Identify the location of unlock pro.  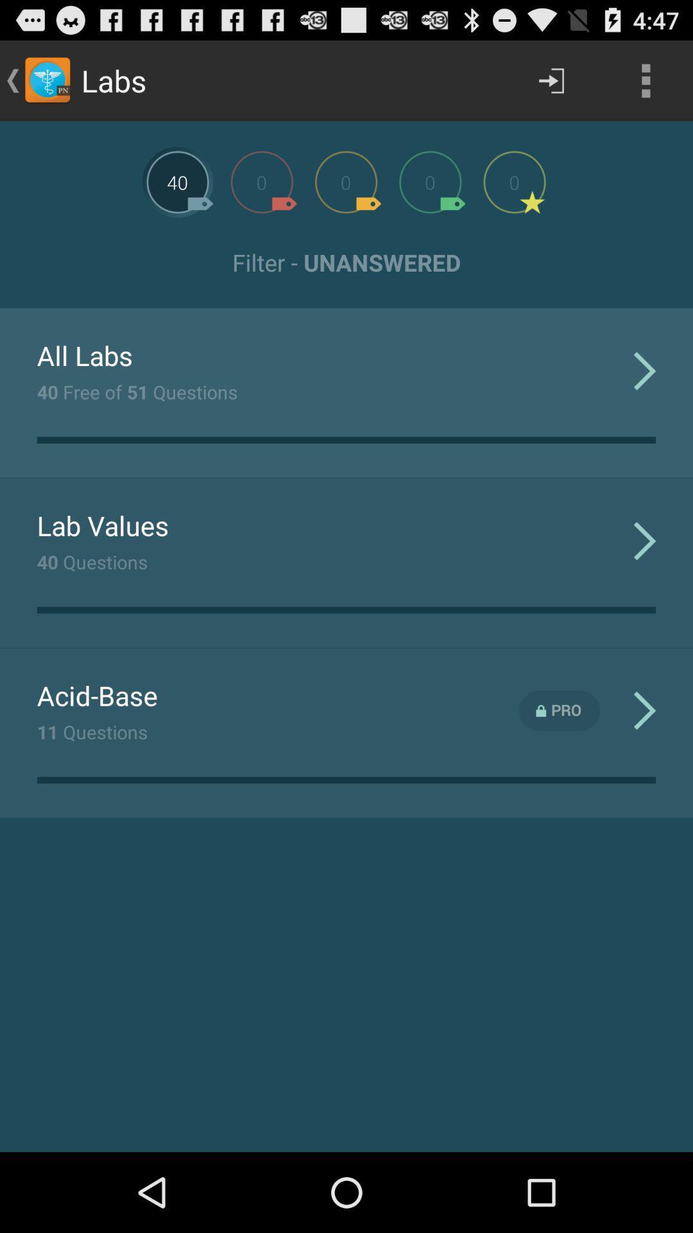
(559, 710).